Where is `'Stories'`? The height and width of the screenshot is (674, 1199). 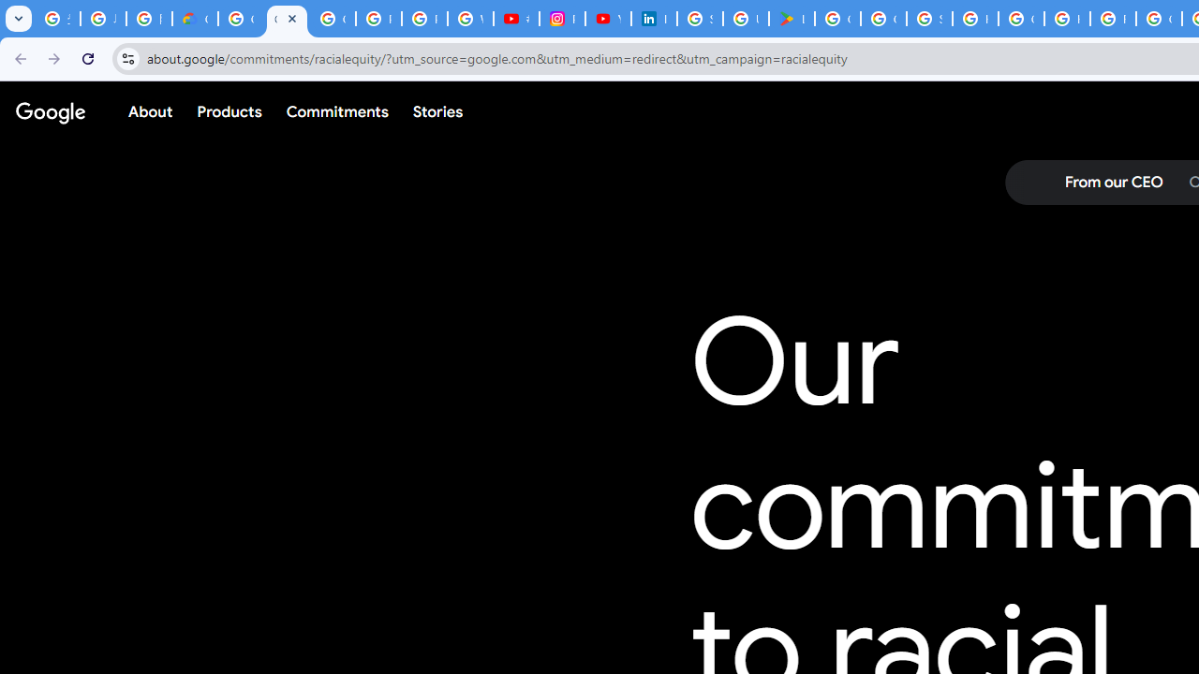
'Stories' is located at coordinates (437, 111).